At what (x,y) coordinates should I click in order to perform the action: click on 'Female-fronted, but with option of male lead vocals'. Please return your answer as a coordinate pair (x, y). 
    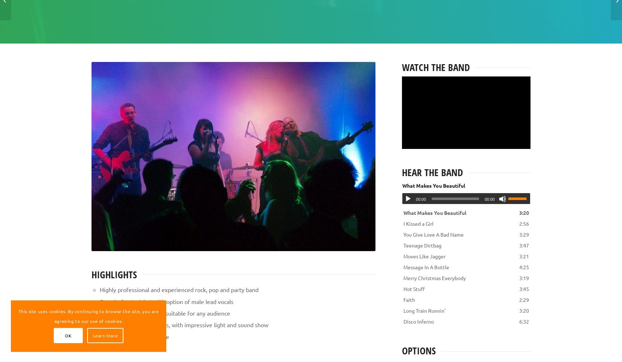
    Looking at the image, I should click on (166, 301).